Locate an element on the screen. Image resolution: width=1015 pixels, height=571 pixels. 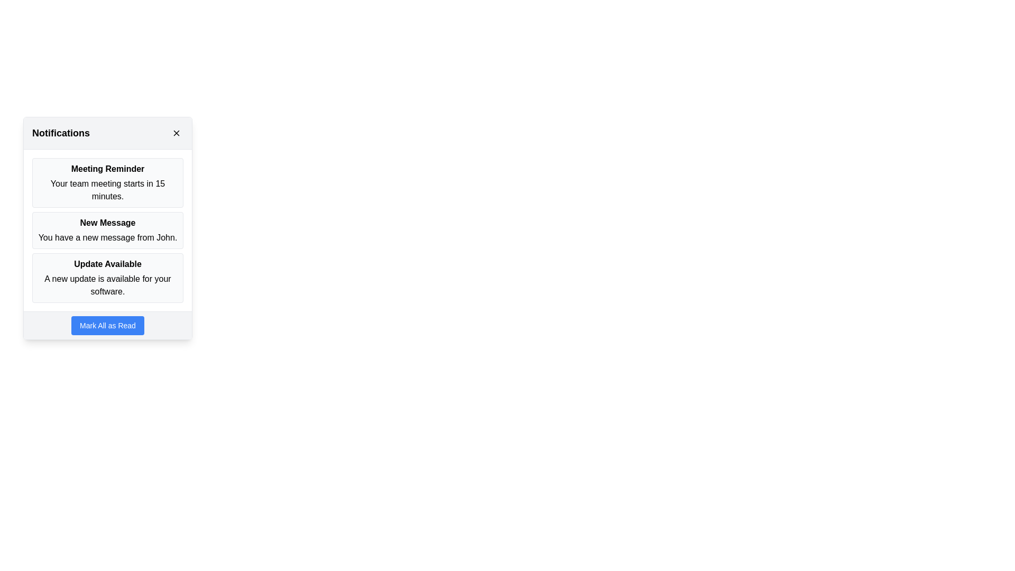
notification content from the third notification item box that displays a software update availability message is located at coordinates (107, 277).